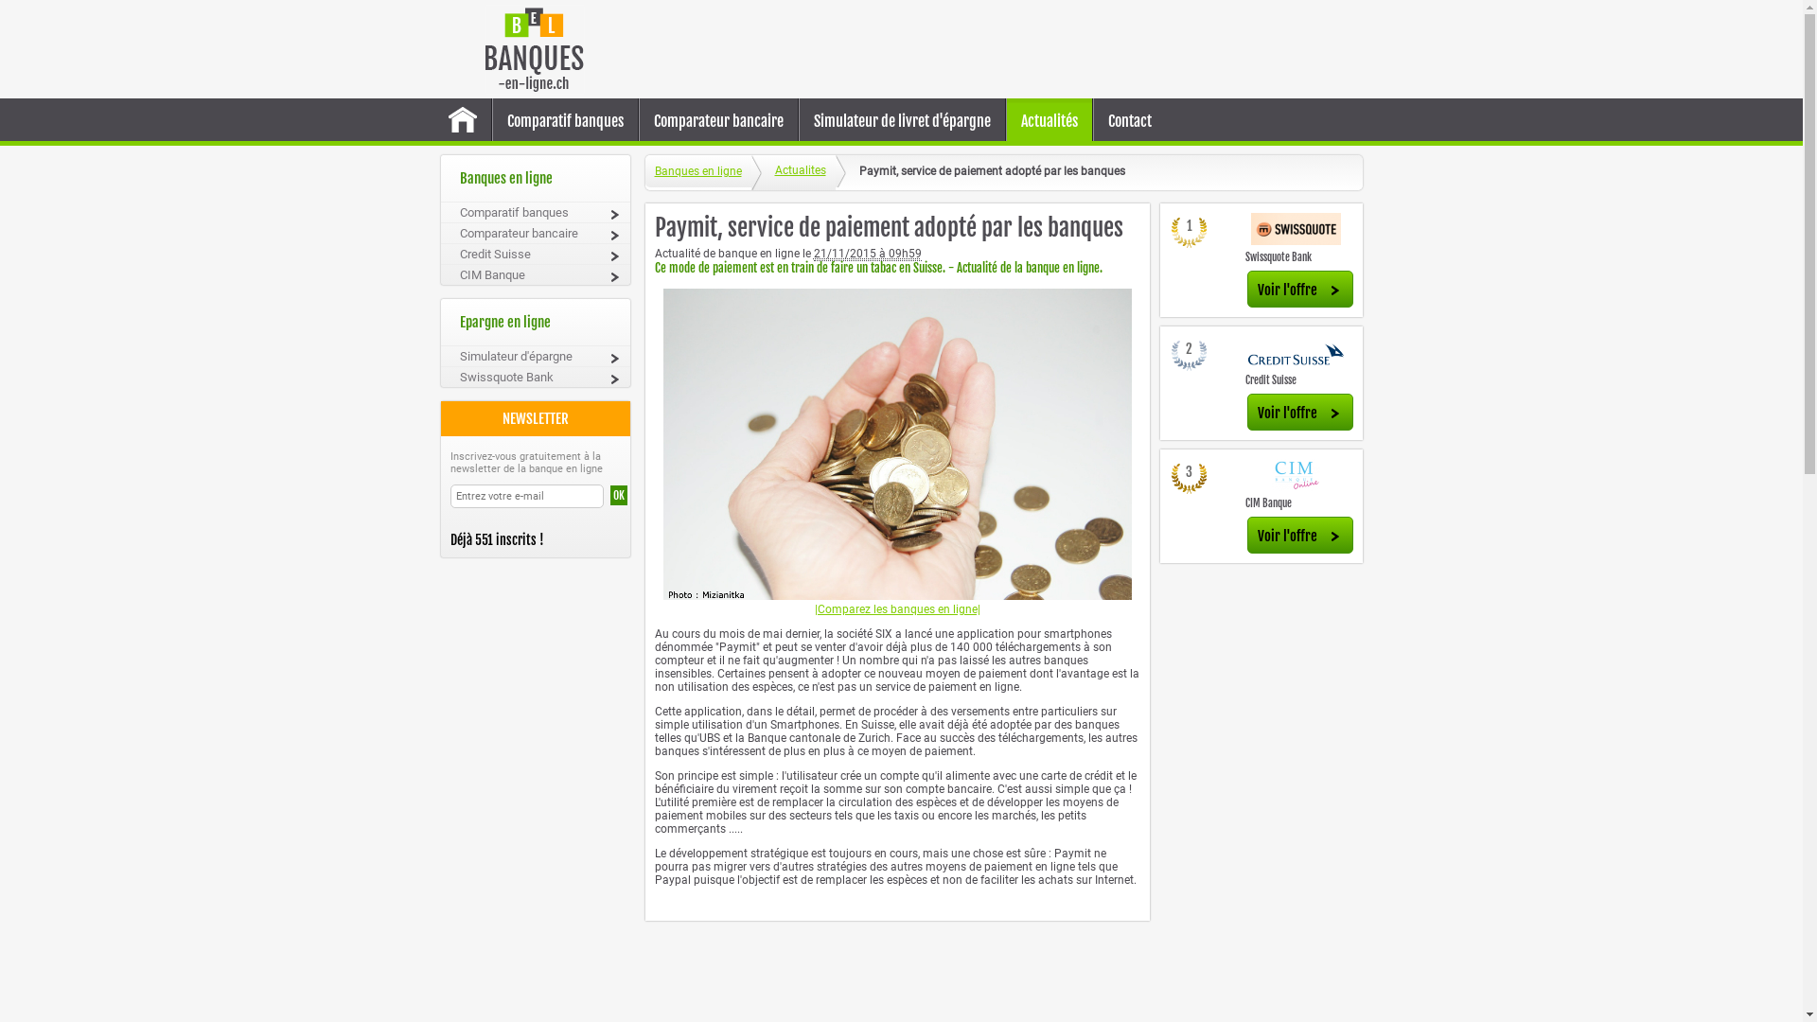 The width and height of the screenshot is (1817, 1022). I want to click on 'Credit Suisse', so click(535, 253).